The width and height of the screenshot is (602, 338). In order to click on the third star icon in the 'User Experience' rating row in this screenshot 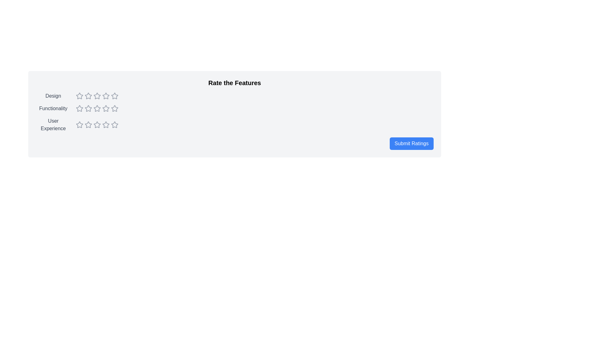, I will do `click(106, 125)`.